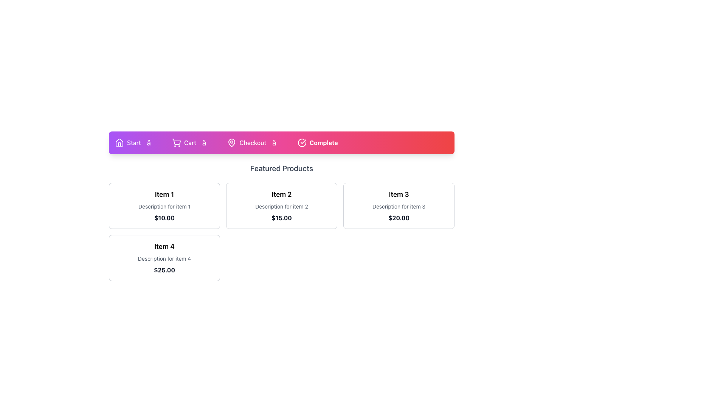 The height and width of the screenshot is (408, 726). I want to click on the 'Cart' navigation link with the shopping cart icon, so click(184, 143).